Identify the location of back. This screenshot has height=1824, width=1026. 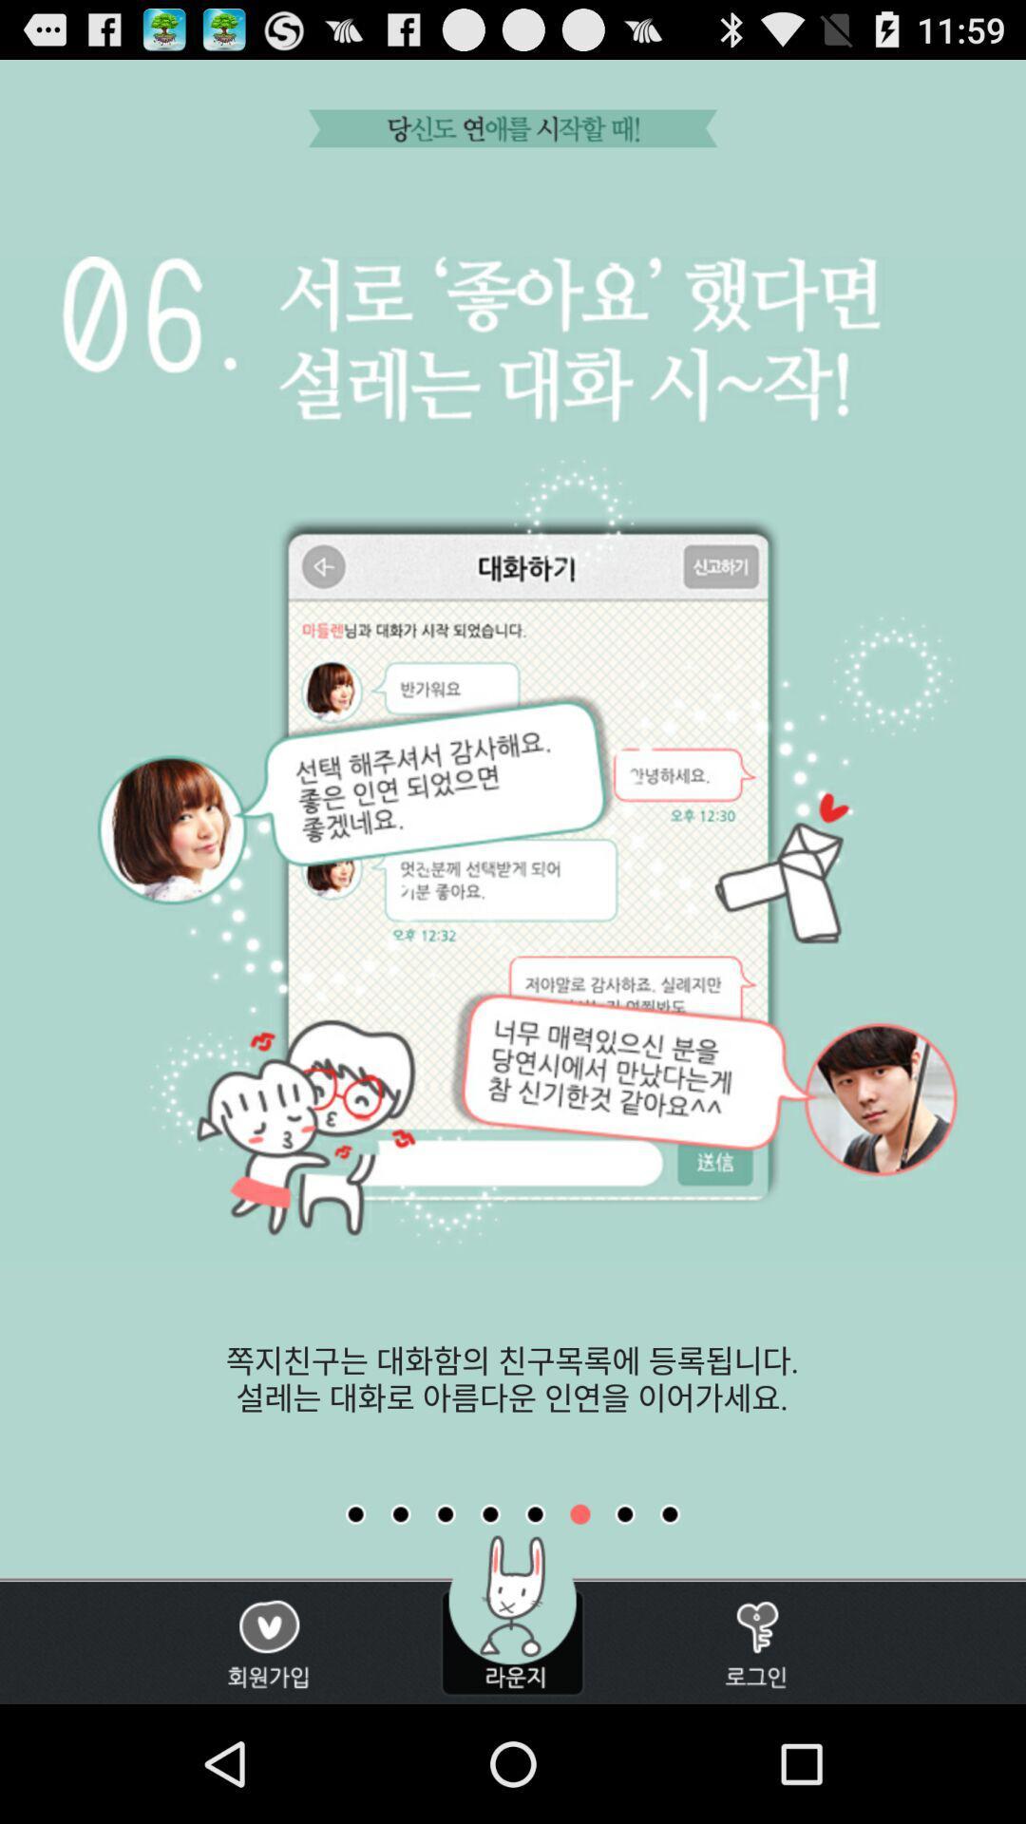
(489, 1513).